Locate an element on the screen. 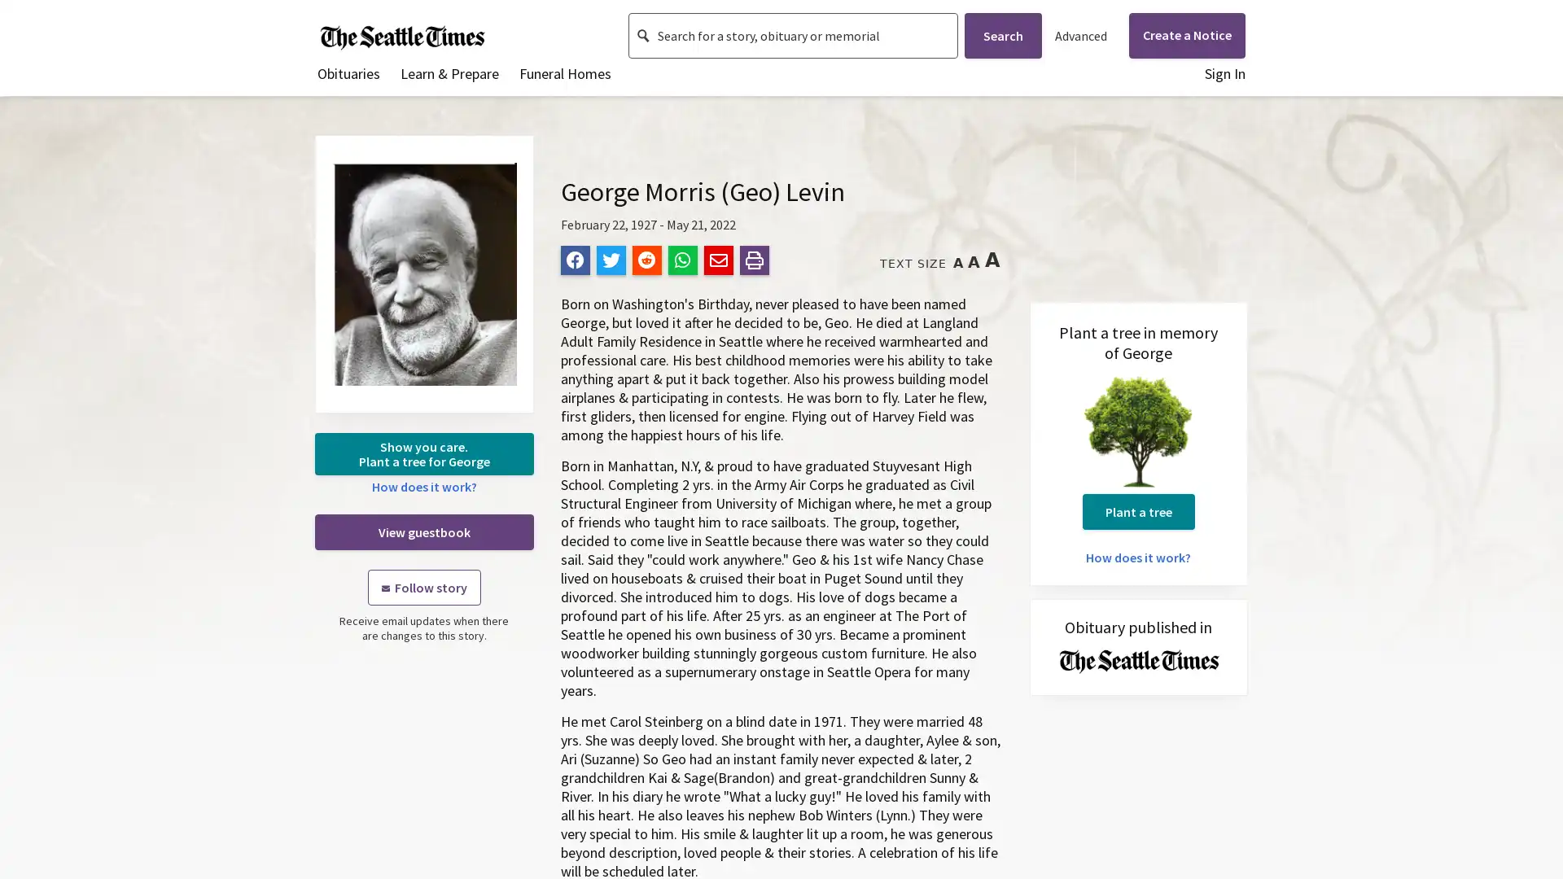 This screenshot has width=1563, height=879. Email this page is located at coordinates (717, 260).